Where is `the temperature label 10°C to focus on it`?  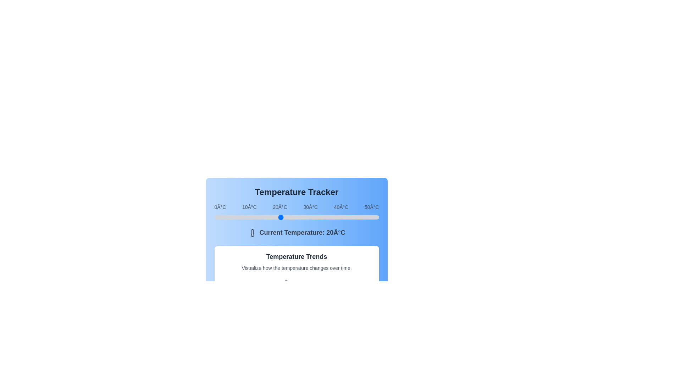 the temperature label 10°C to focus on it is located at coordinates (249, 207).